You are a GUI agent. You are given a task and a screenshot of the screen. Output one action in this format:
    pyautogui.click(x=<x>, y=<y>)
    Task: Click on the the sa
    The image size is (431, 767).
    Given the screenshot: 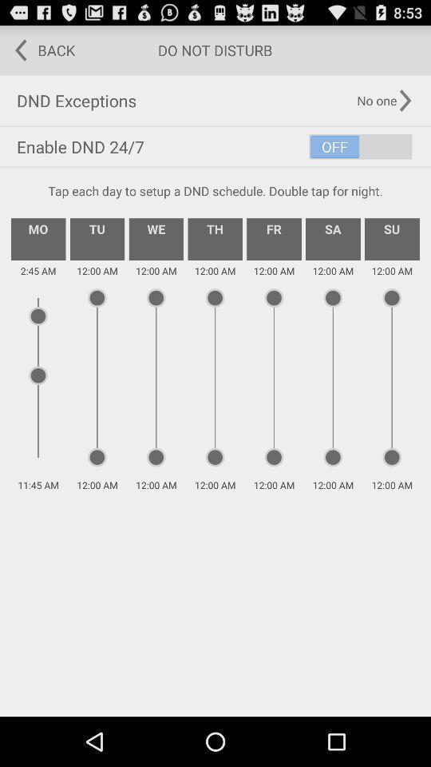 What is the action you would take?
    pyautogui.click(x=332, y=238)
    